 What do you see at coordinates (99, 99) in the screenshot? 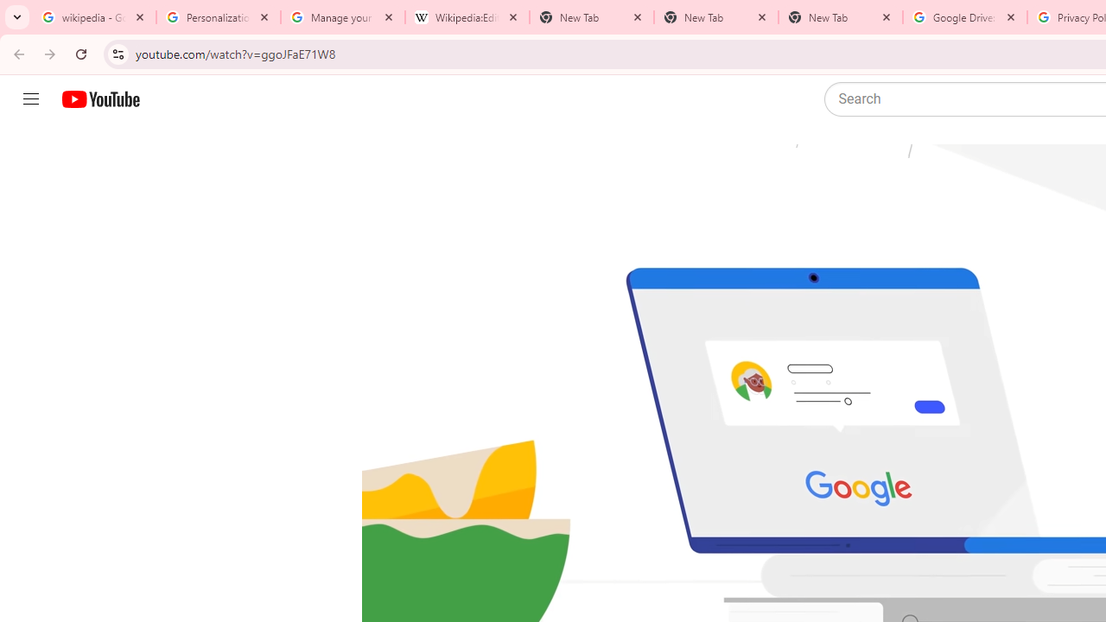
I see `'YouTube Home'` at bounding box center [99, 99].